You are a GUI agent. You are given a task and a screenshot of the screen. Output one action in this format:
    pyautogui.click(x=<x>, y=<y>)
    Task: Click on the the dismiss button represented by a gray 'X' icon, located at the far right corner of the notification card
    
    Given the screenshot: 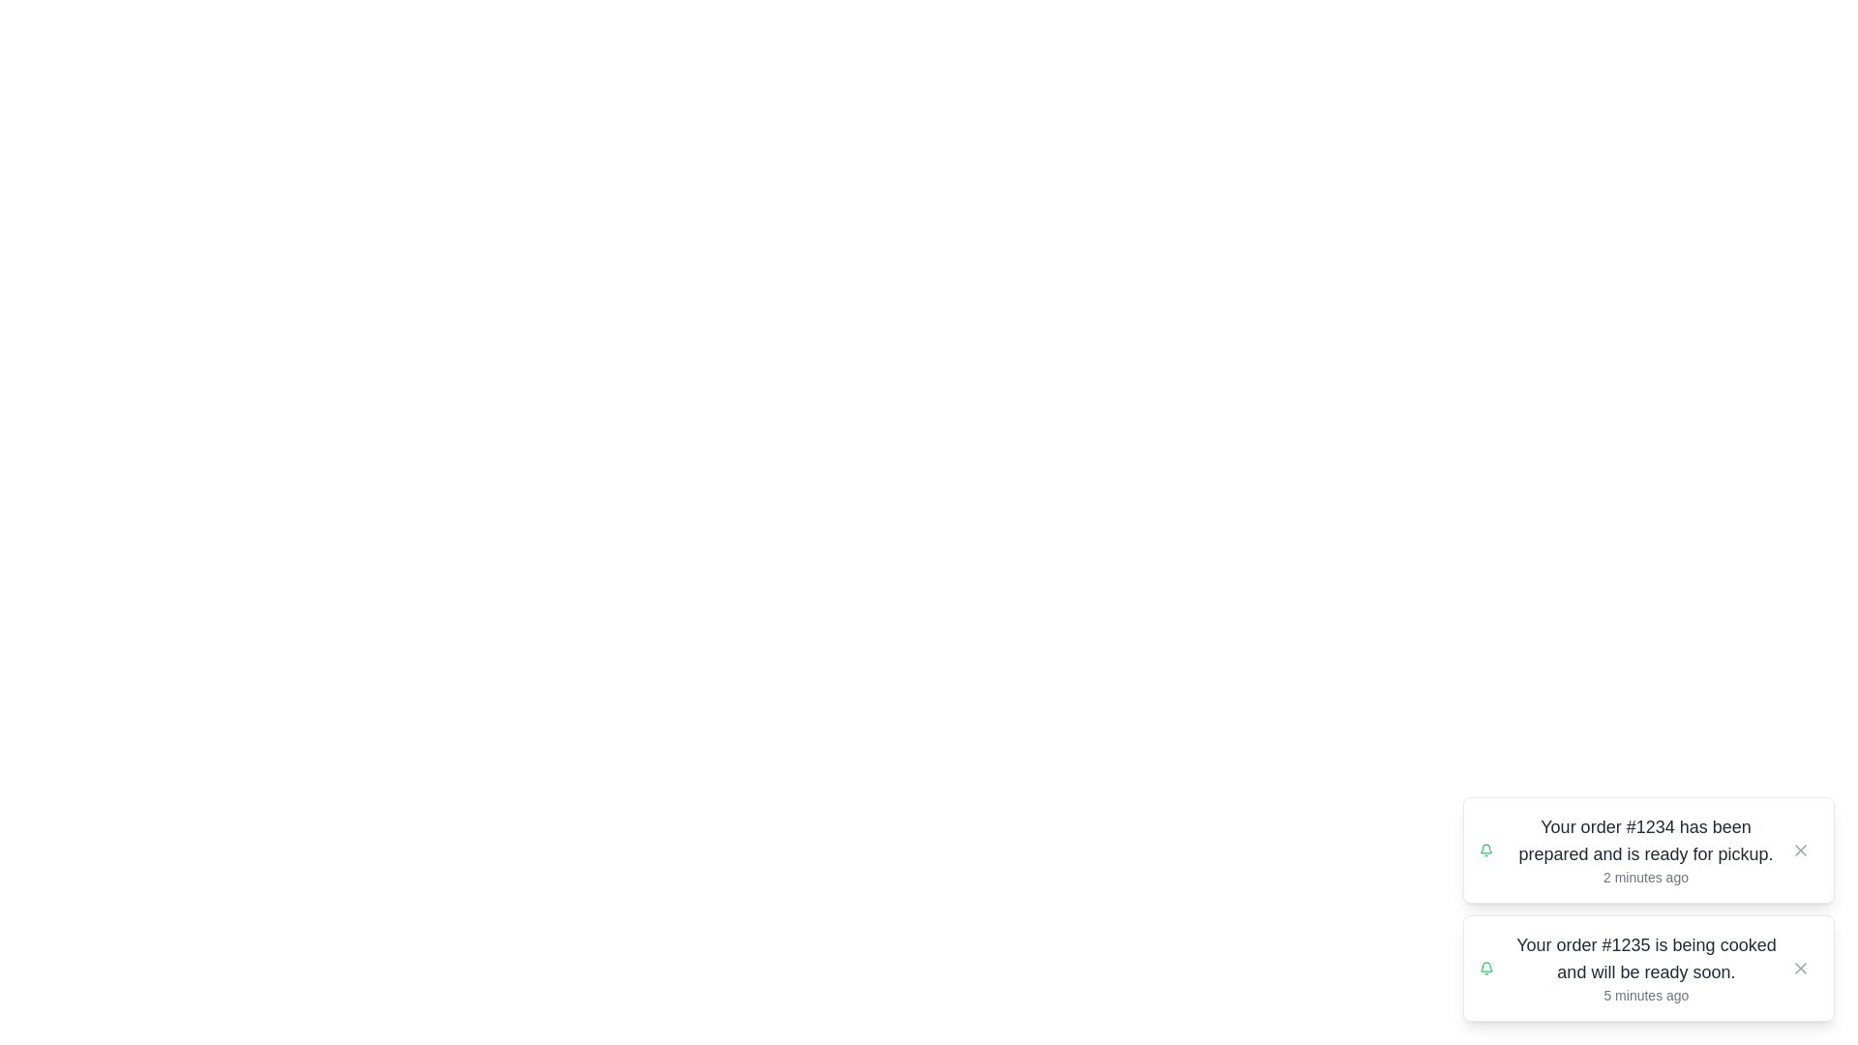 What is the action you would take?
    pyautogui.click(x=1800, y=969)
    